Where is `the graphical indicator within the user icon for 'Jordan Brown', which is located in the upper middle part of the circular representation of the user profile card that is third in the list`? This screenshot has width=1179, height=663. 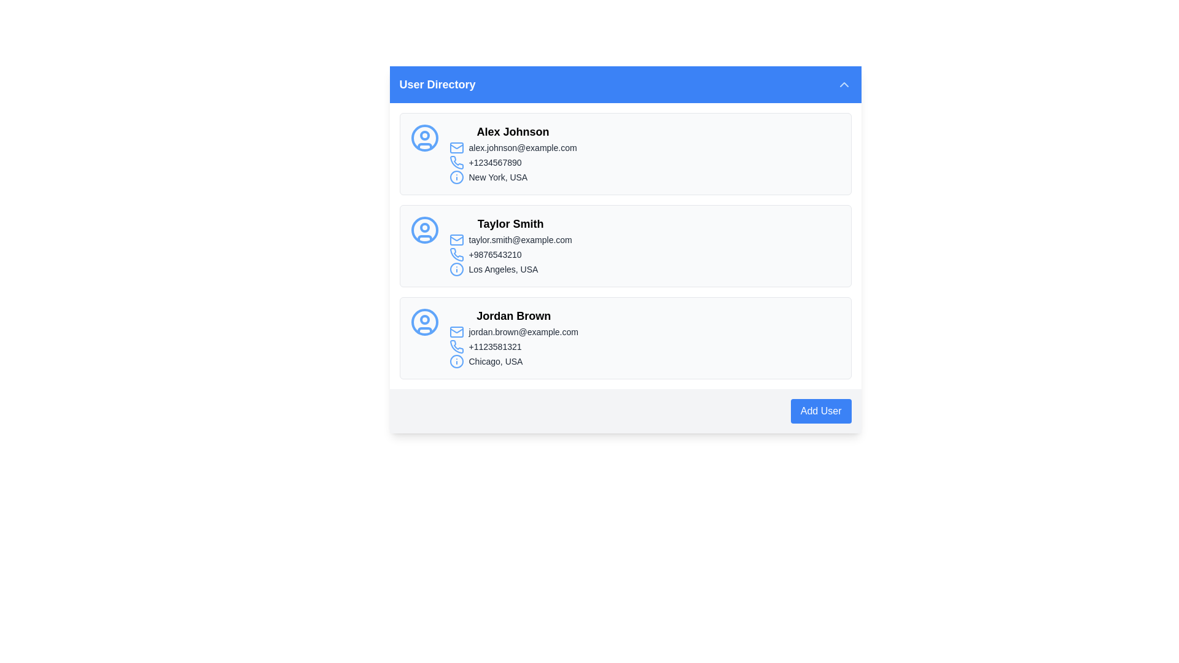 the graphical indicator within the user icon for 'Jordan Brown', which is located in the upper middle part of the circular representation of the user profile card that is third in the list is located at coordinates (424, 319).